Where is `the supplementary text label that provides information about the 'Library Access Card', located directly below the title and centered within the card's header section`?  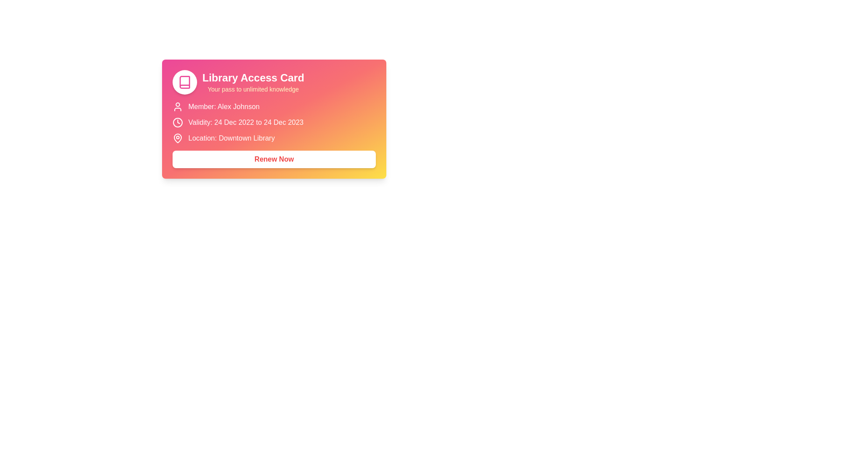 the supplementary text label that provides information about the 'Library Access Card', located directly below the title and centered within the card's header section is located at coordinates (253, 89).